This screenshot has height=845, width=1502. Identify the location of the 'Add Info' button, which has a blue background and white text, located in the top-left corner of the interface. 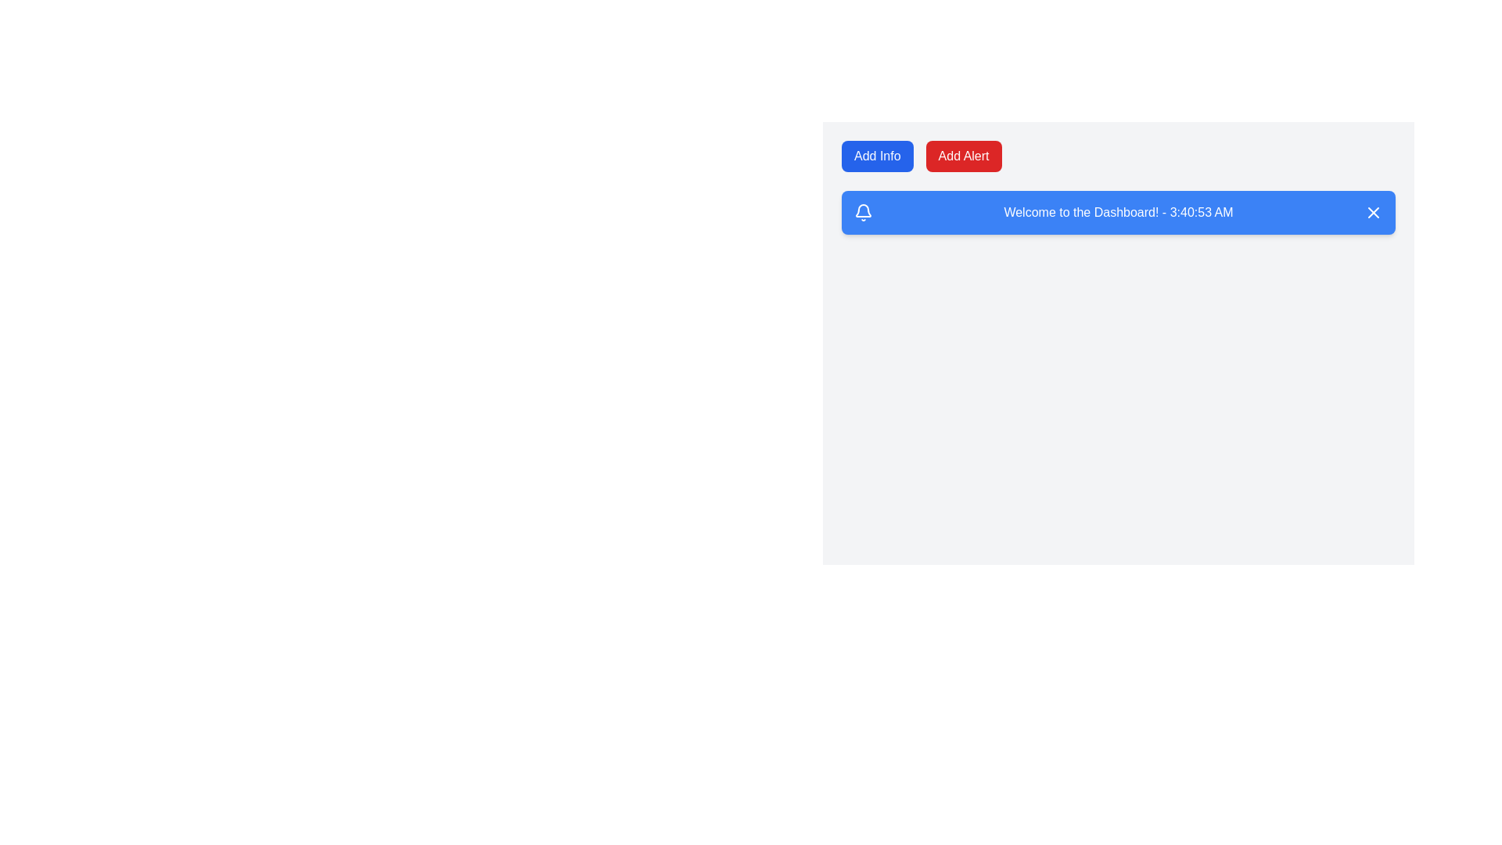
(877, 156).